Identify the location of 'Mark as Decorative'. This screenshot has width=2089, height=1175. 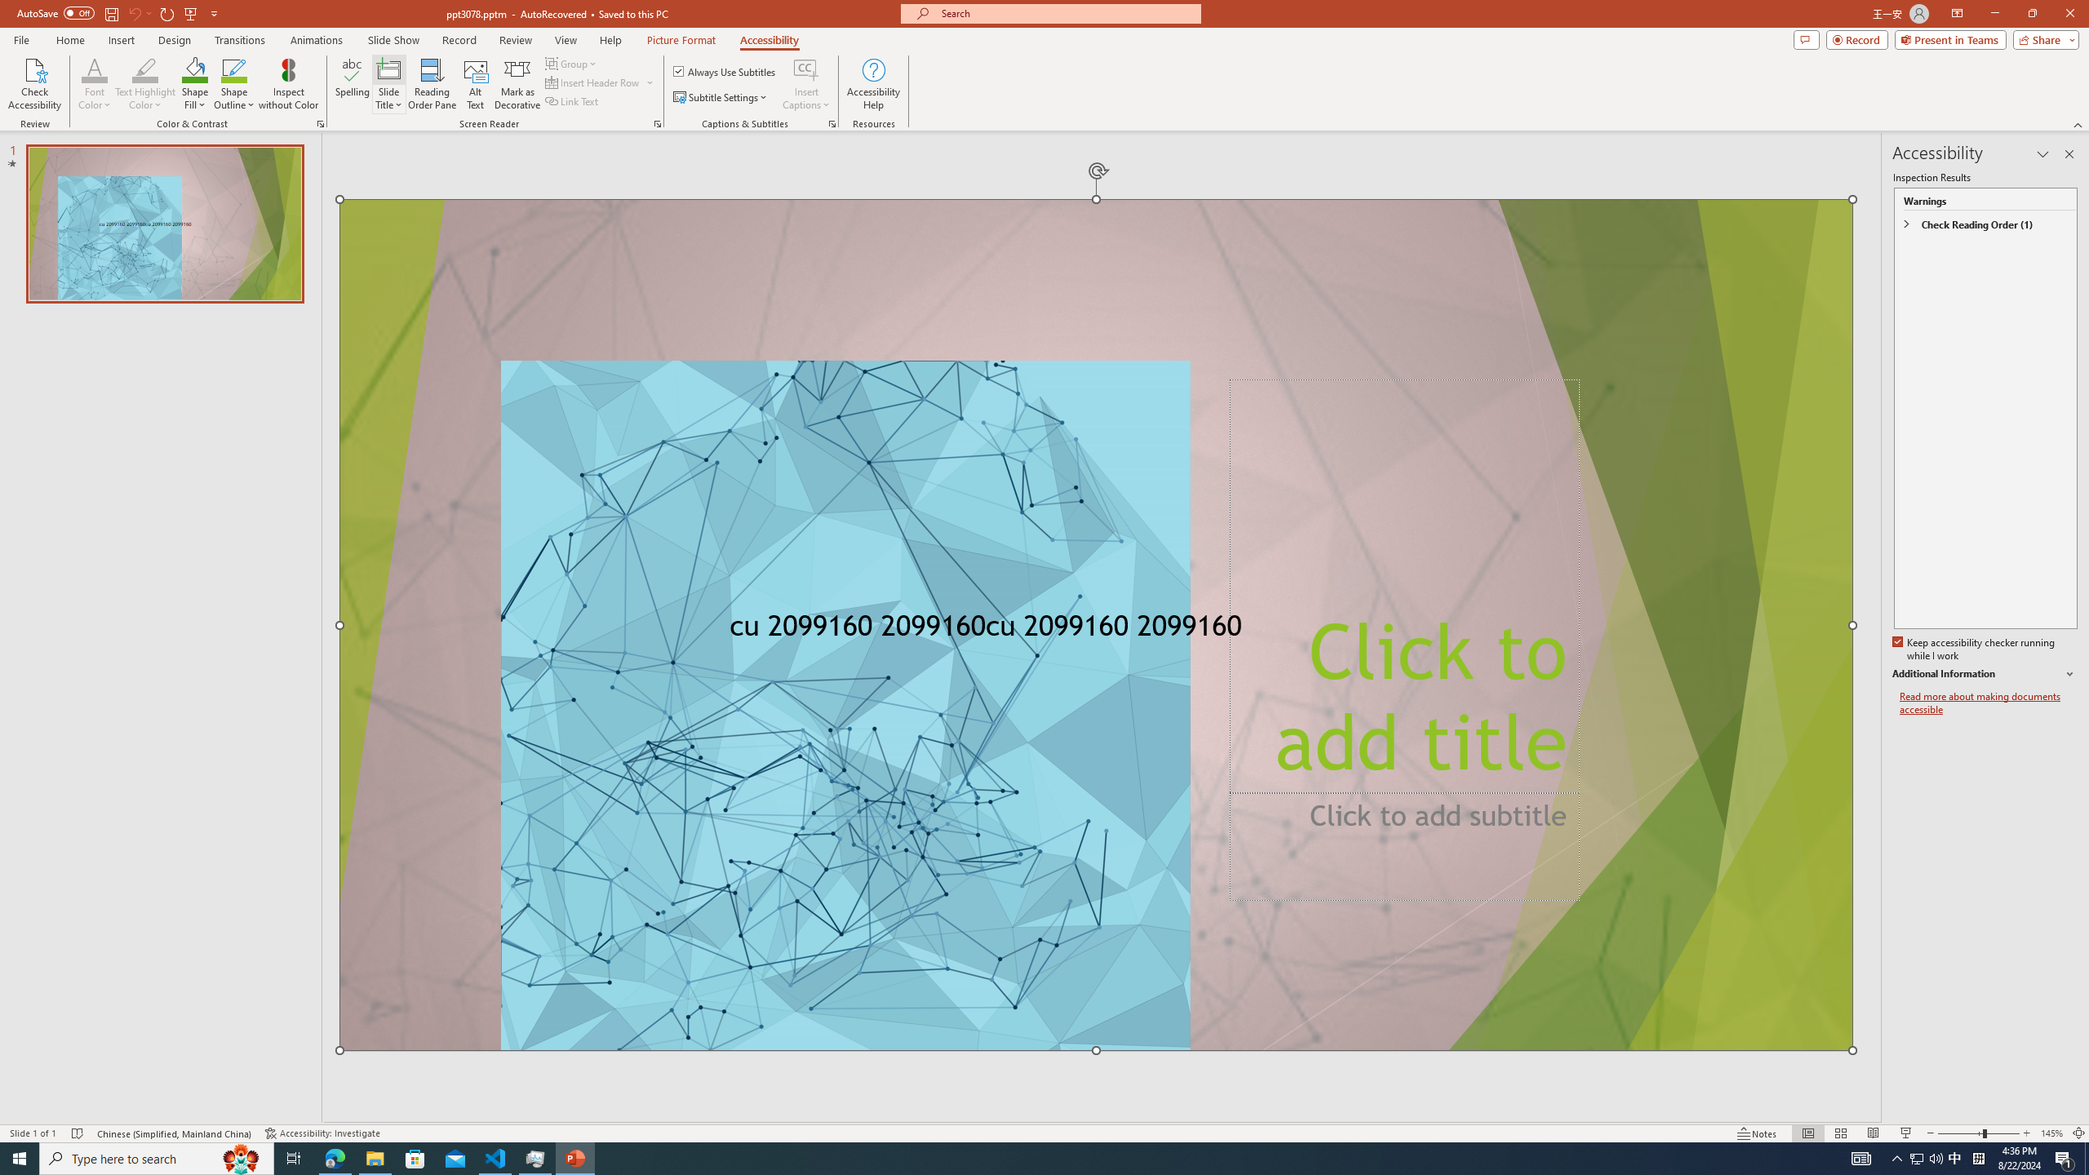
(517, 84).